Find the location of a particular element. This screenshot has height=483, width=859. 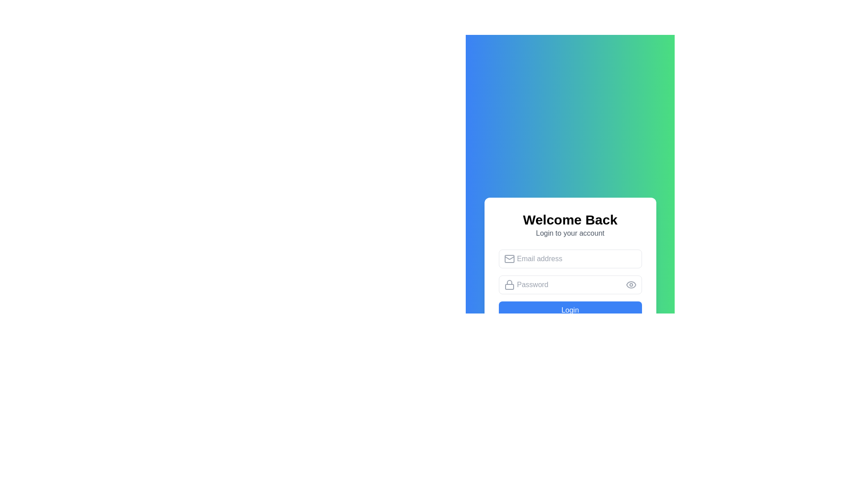

the password visibility toggle icon located on the right side of the password input field to switch between masked and unmasked states is located at coordinates (630, 284).